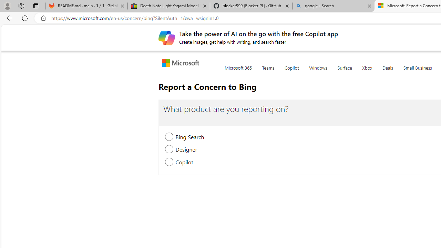  Describe the element at coordinates (169, 162) in the screenshot. I see `'Copilot, new section will be expanded'` at that location.